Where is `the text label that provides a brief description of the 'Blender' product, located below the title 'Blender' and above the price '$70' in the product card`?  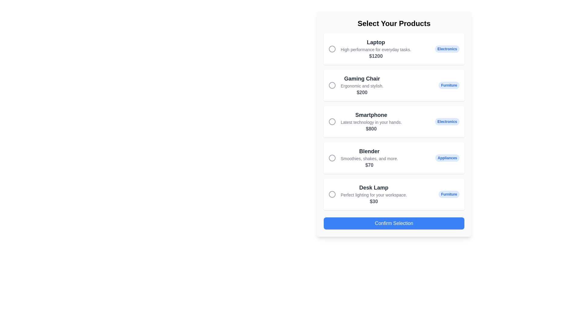
the text label that provides a brief description of the 'Blender' product, located below the title 'Blender' and above the price '$70' in the product card is located at coordinates (369, 158).